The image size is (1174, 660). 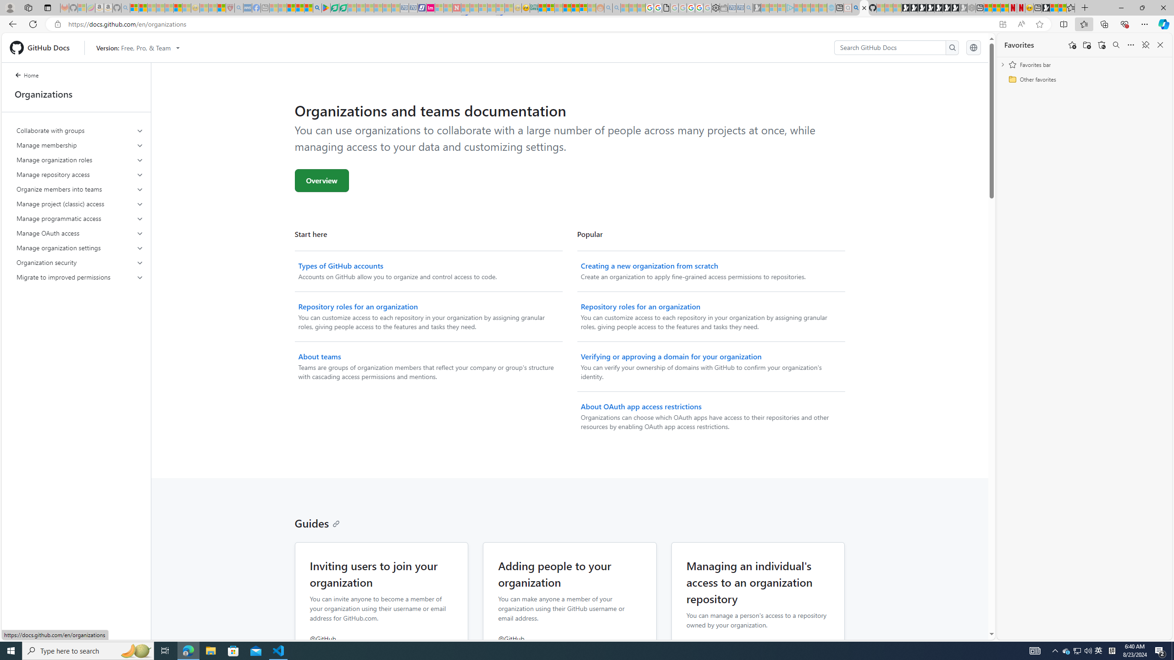 I want to click on 'Add folder', so click(x=1086, y=44).